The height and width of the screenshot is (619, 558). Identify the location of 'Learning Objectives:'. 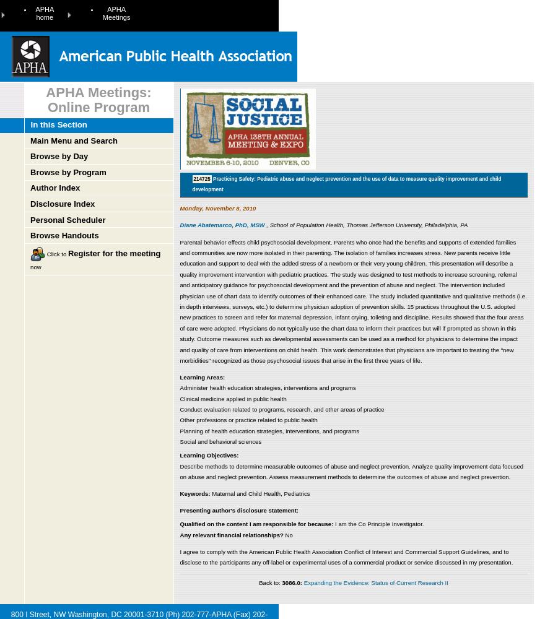
(180, 454).